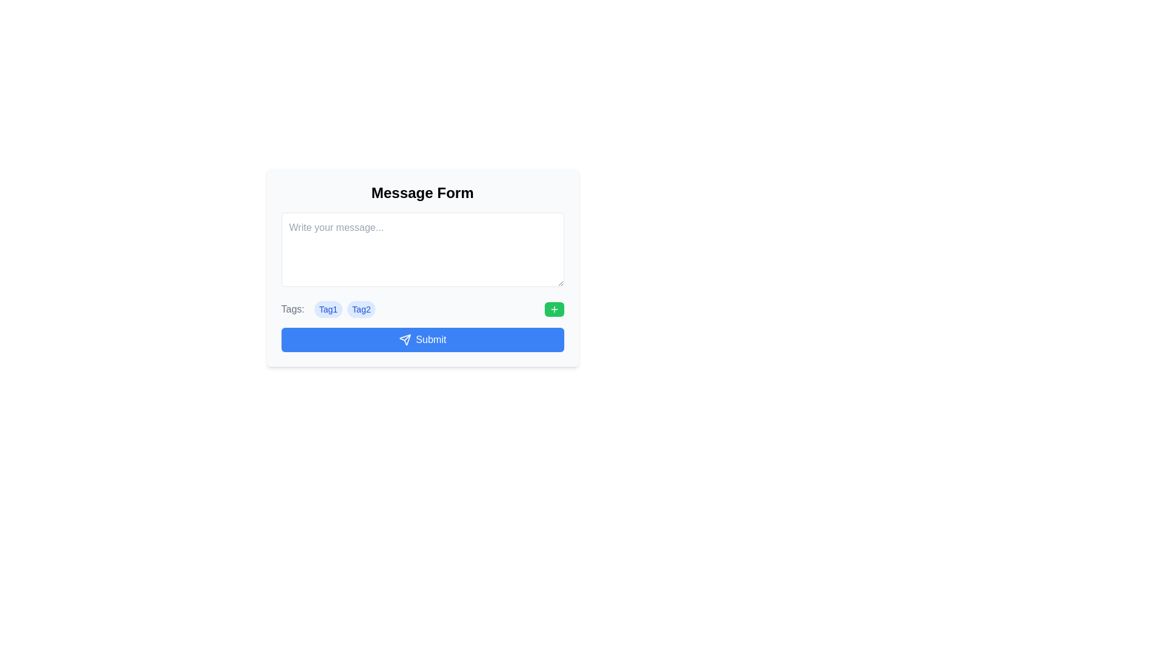  What do you see at coordinates (422, 192) in the screenshot?
I see `the 'Message Form' text label, which is prominently displayed at the top of the form interface and serves as the headline for the content` at bounding box center [422, 192].